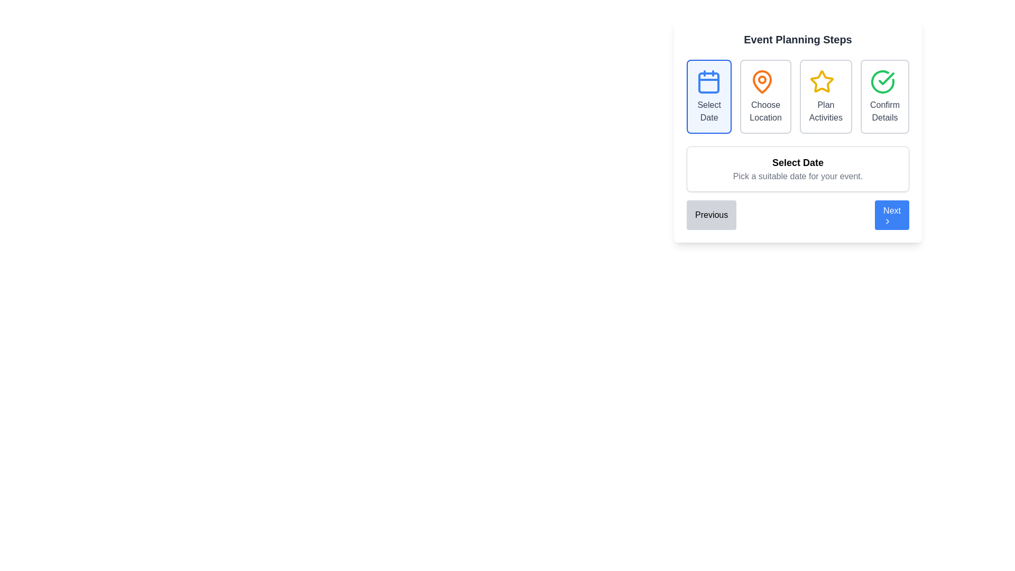 This screenshot has width=1015, height=571. I want to click on the 'Plan Activities' text label, which is part of the navigation step interface and located below a yellow star icon, so click(825, 112).